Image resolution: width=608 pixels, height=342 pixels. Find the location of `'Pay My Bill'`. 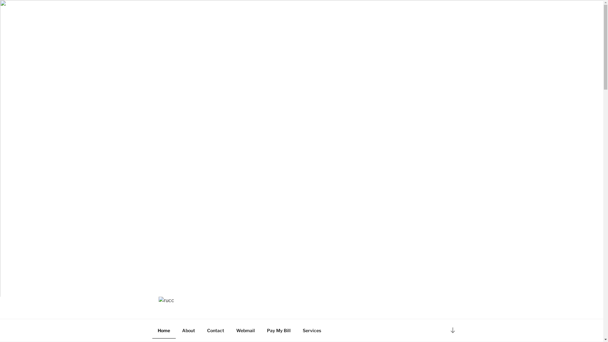

'Pay My Bill' is located at coordinates (279, 330).